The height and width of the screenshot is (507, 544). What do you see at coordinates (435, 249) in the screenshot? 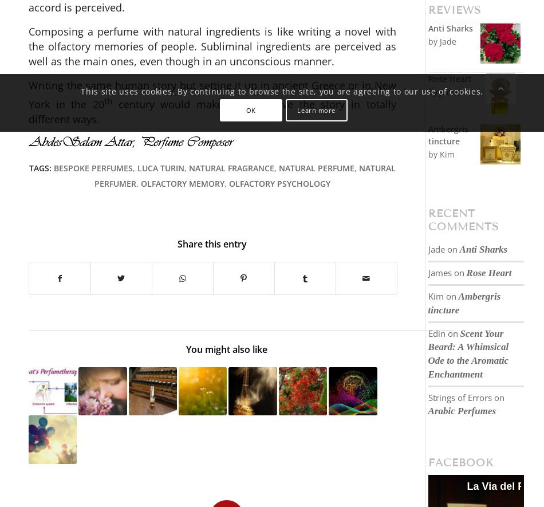
I see `'Jade'` at bounding box center [435, 249].